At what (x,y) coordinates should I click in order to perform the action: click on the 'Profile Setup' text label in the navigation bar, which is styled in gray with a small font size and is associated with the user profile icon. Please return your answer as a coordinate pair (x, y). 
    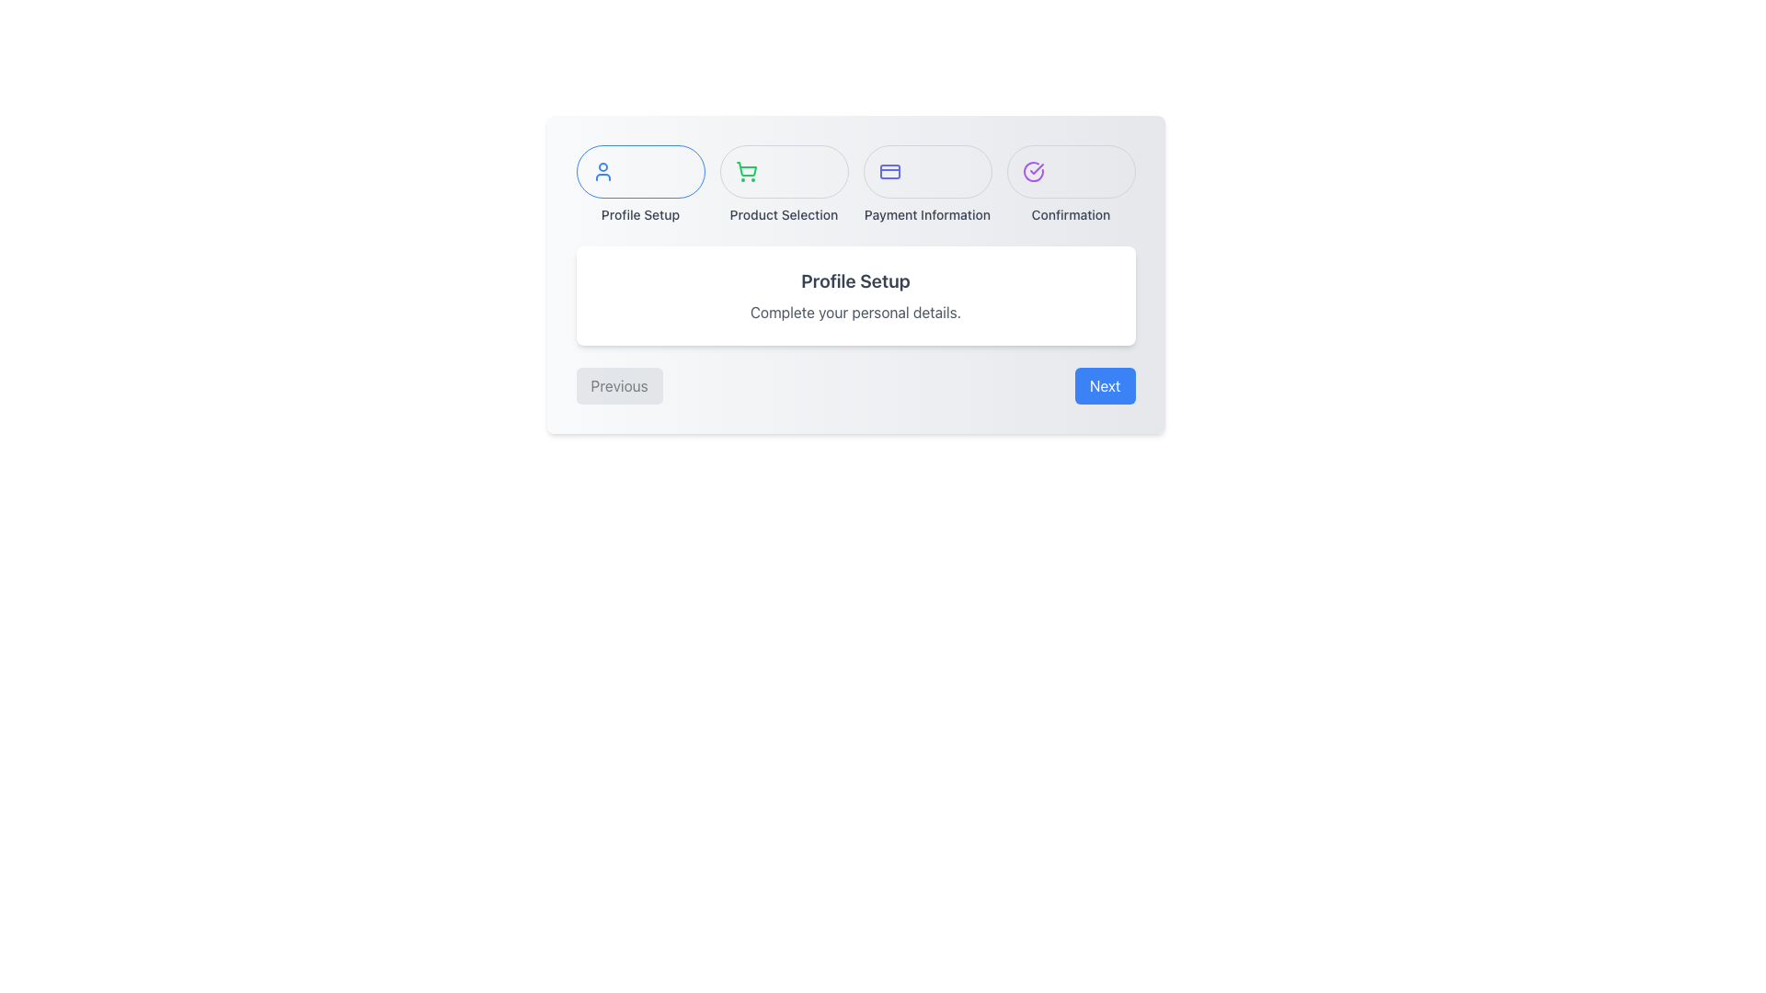
    Looking at the image, I should click on (640, 214).